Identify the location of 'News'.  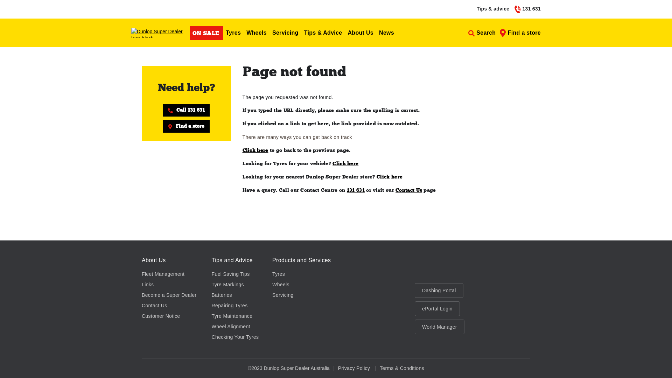
(386, 33).